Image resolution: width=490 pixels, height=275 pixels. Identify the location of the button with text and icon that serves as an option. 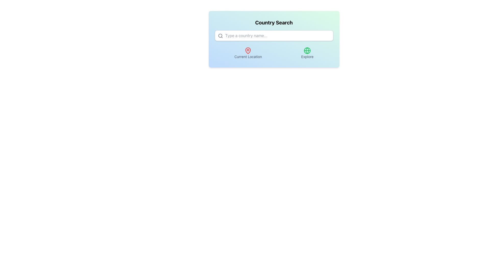
(307, 53).